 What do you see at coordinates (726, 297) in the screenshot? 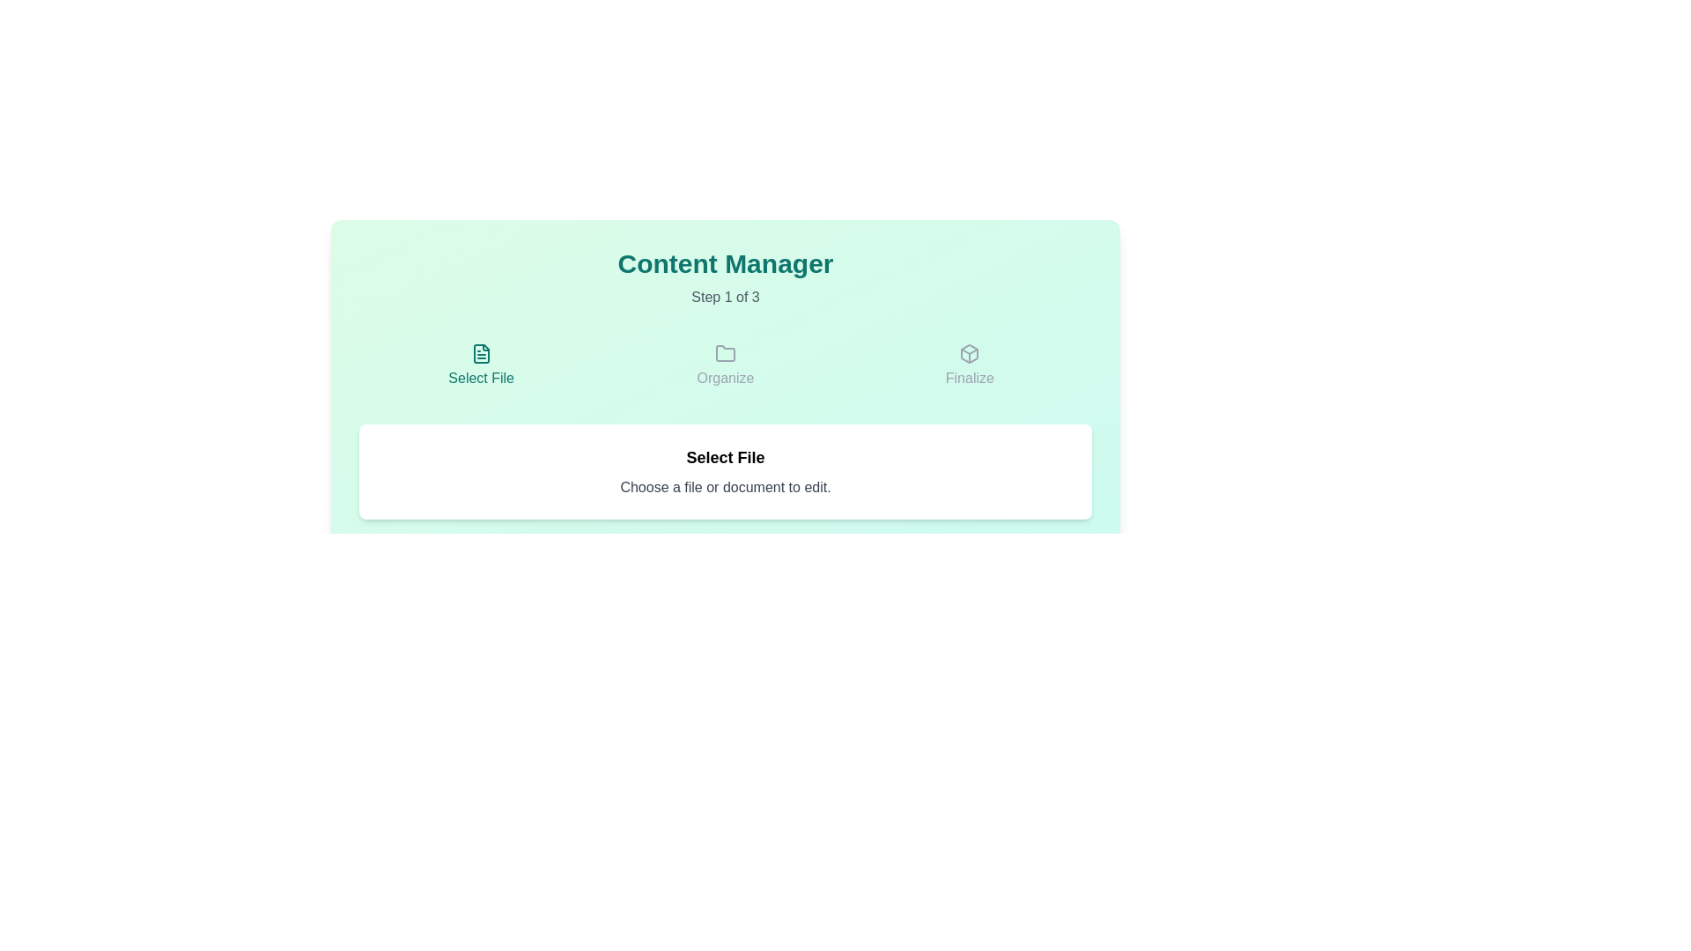
I see `the 'Step 1 of 3' text label` at bounding box center [726, 297].